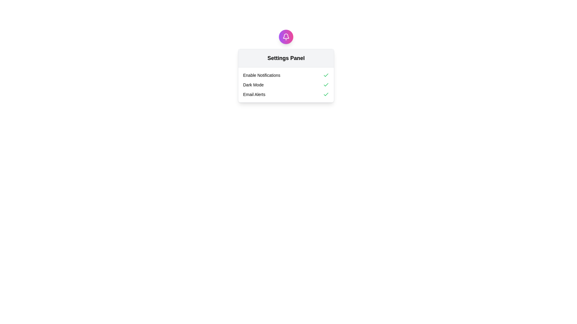 This screenshot has width=577, height=324. Describe the element at coordinates (285, 37) in the screenshot. I see `the circular button with a gradient background transitioning from purple to pink, featuring a white notification icon, located above the 'Settings Panel'` at that location.